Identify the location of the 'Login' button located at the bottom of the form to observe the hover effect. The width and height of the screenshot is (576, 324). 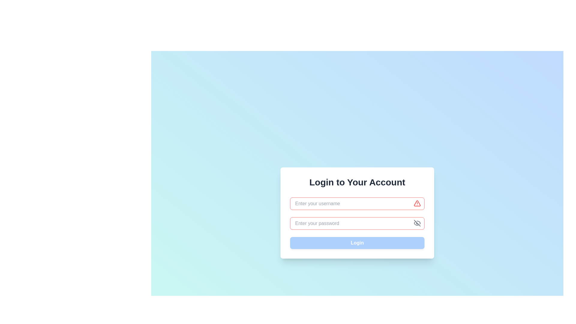
(357, 243).